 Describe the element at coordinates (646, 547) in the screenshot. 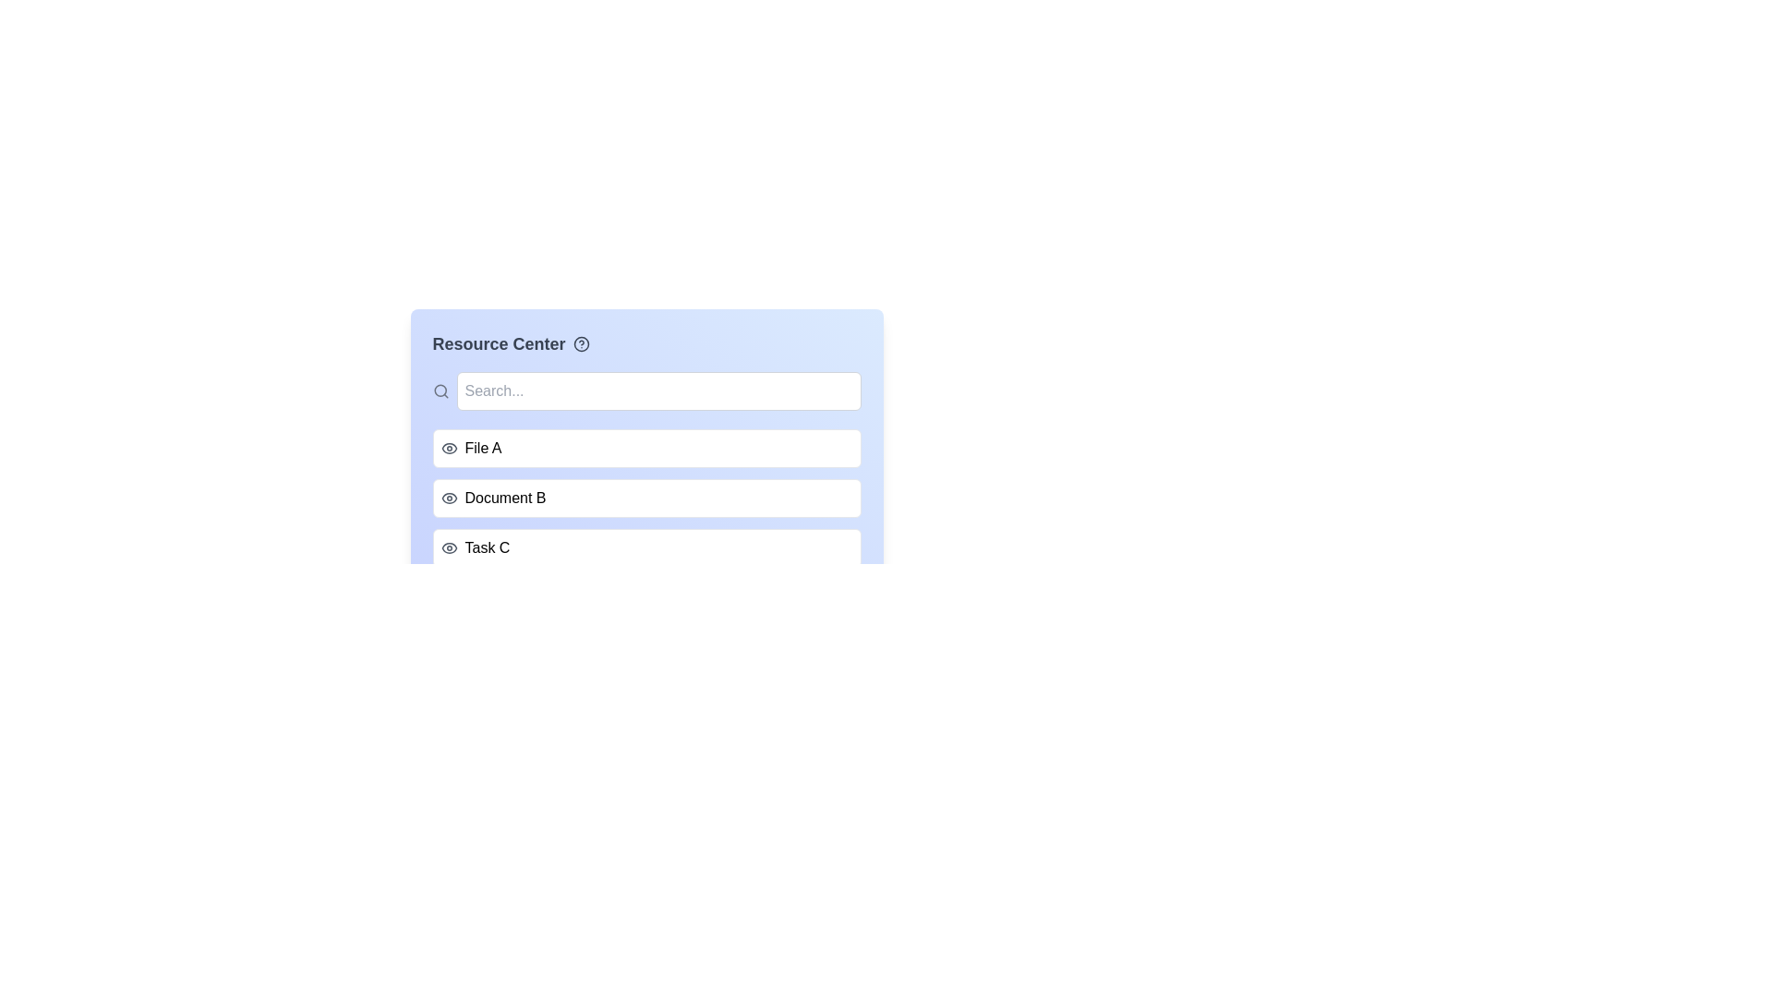

I see `the third clickable item in the 'Resource Center' list` at that location.